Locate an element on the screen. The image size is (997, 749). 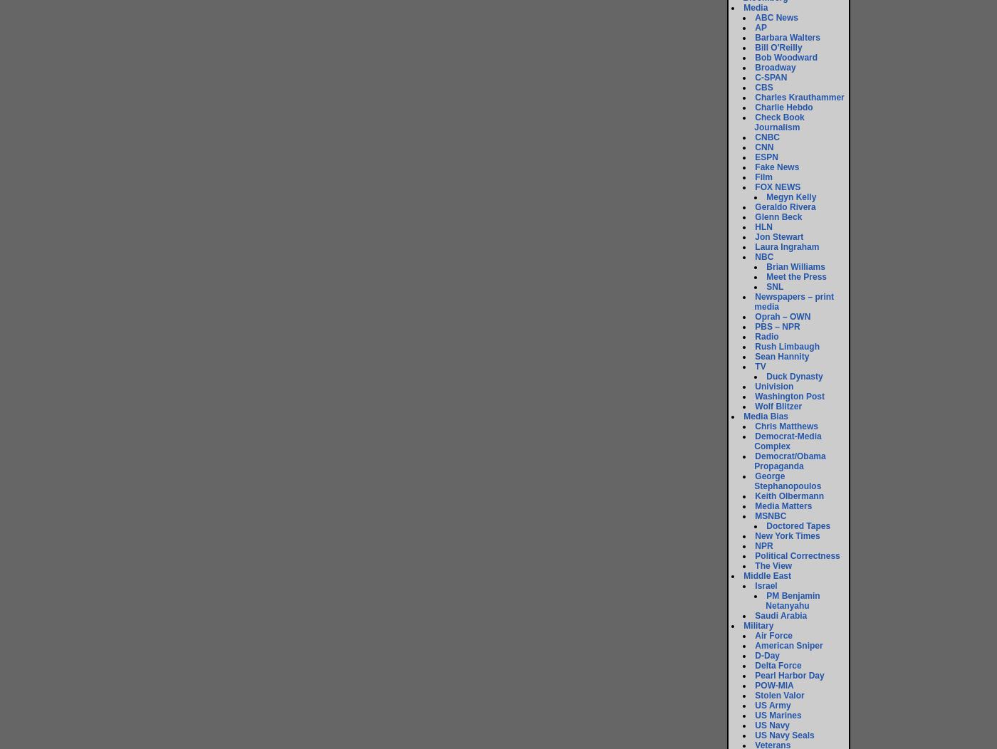
'Meet the Press' is located at coordinates (796, 277).